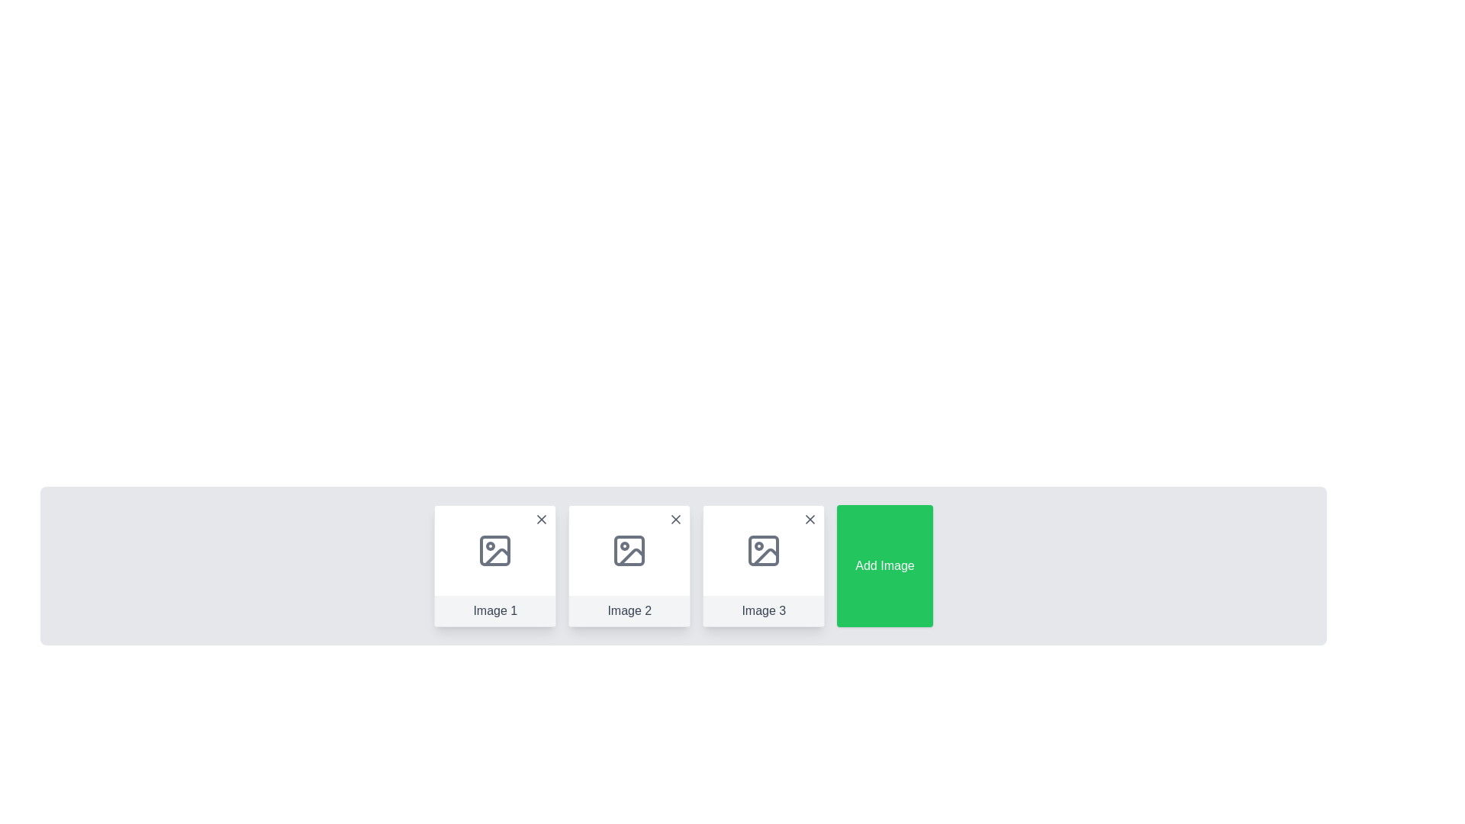  I want to click on the visual placeholder component designated for 'Image 2', which is part of a layout with similar placeholders and is positioned between 'Image 1' and 'Image 3', so click(629, 550).